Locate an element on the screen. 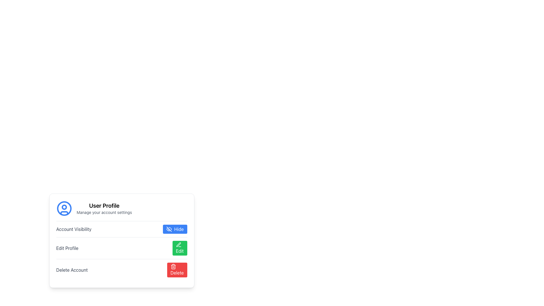  the 'Hide' SVG Icon located within the 'Account Visibility' section of the user profile interface to focus on it using keyboard navigation is located at coordinates (169, 229).